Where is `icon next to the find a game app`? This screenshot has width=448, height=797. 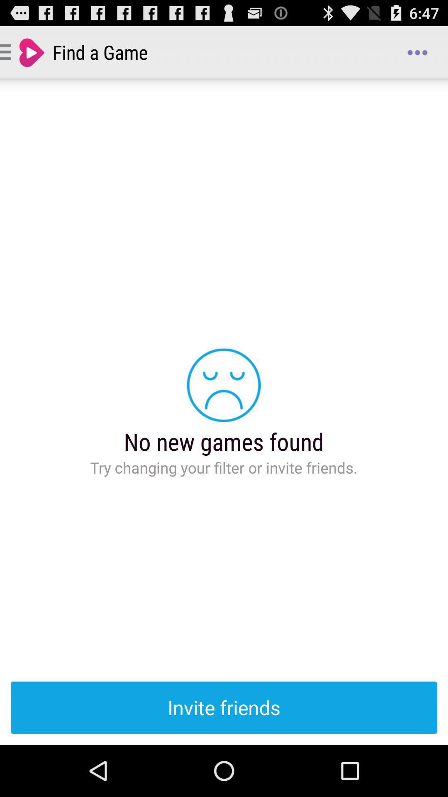 icon next to the find a game app is located at coordinates (417, 51).